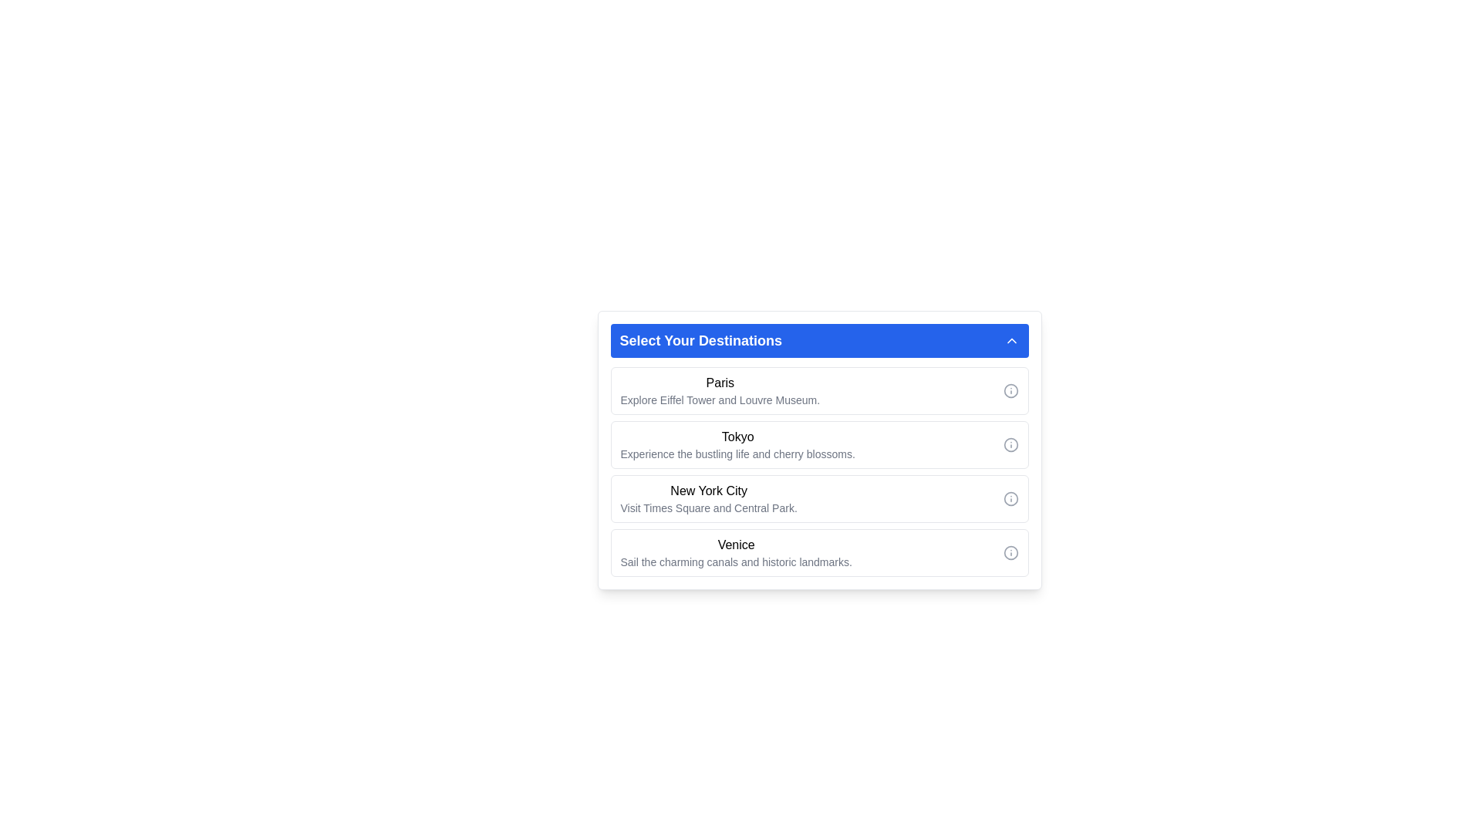 Image resolution: width=1481 pixels, height=833 pixels. What do you see at coordinates (1010, 390) in the screenshot?
I see `the small circular component within the SVG element that is styled with a thin border and is part of a minimalist icon design, located near the top-right of the 'Paris' section` at bounding box center [1010, 390].